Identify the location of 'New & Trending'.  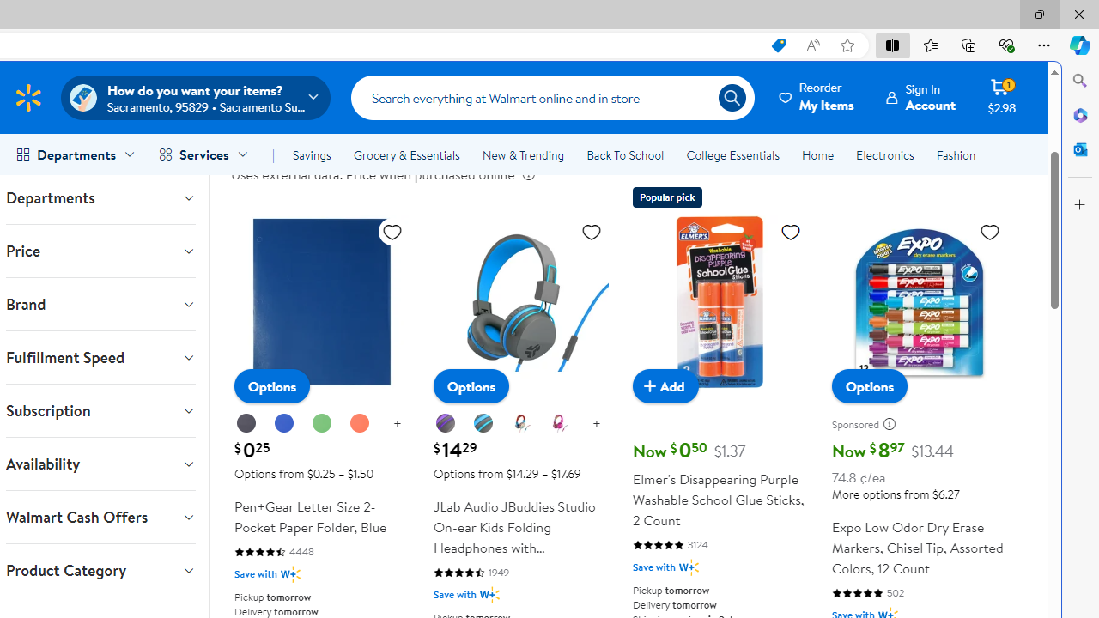
(522, 155).